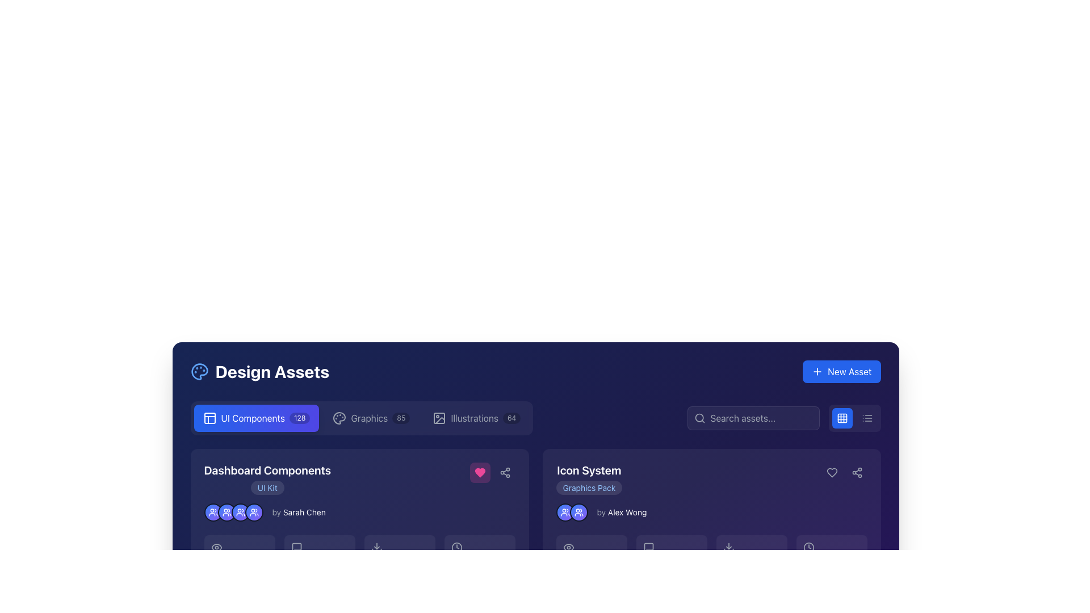 This screenshot has width=1090, height=613. Describe the element at coordinates (439, 418) in the screenshot. I see `the small icon resembling an image frame with a circular detail and a diagonal line, located to the far left of the 'Illustrations 64' menu item in the navigation bar` at that location.